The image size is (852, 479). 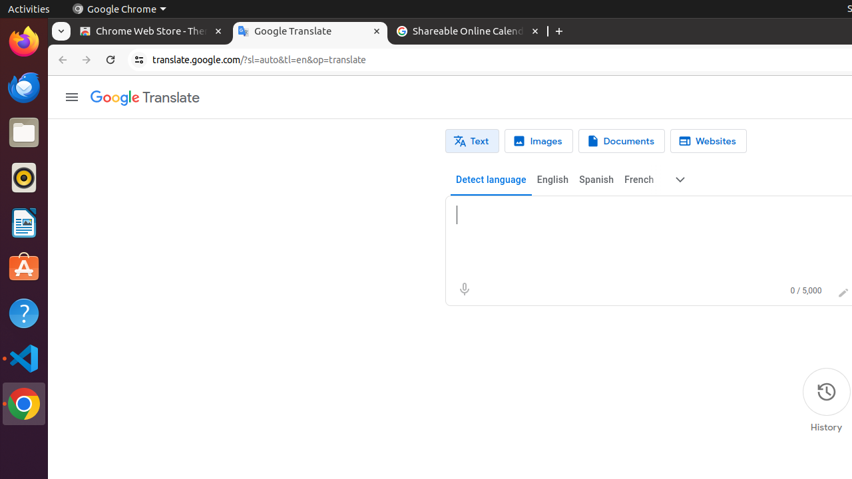 What do you see at coordinates (139, 60) in the screenshot?
I see `'View site information'` at bounding box center [139, 60].